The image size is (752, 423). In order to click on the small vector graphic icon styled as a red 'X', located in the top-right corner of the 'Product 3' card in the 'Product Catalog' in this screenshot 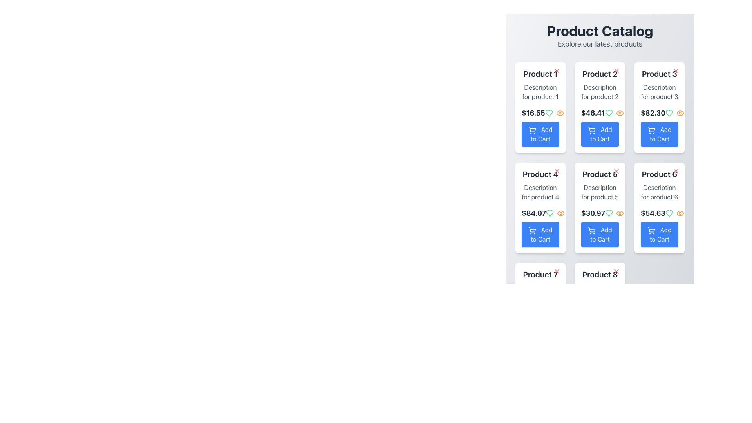, I will do `click(676, 71)`.